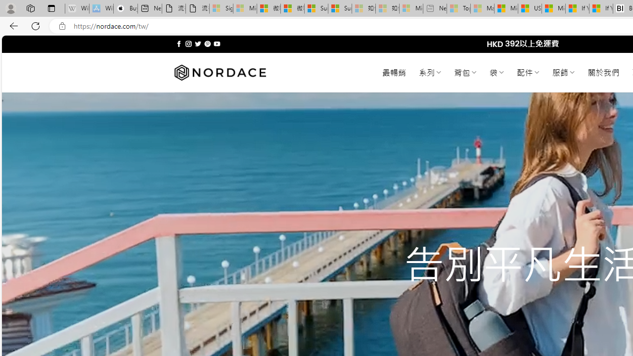  What do you see at coordinates (458, 8) in the screenshot?
I see `'Top Stories - MSN - Sleeping'` at bounding box center [458, 8].